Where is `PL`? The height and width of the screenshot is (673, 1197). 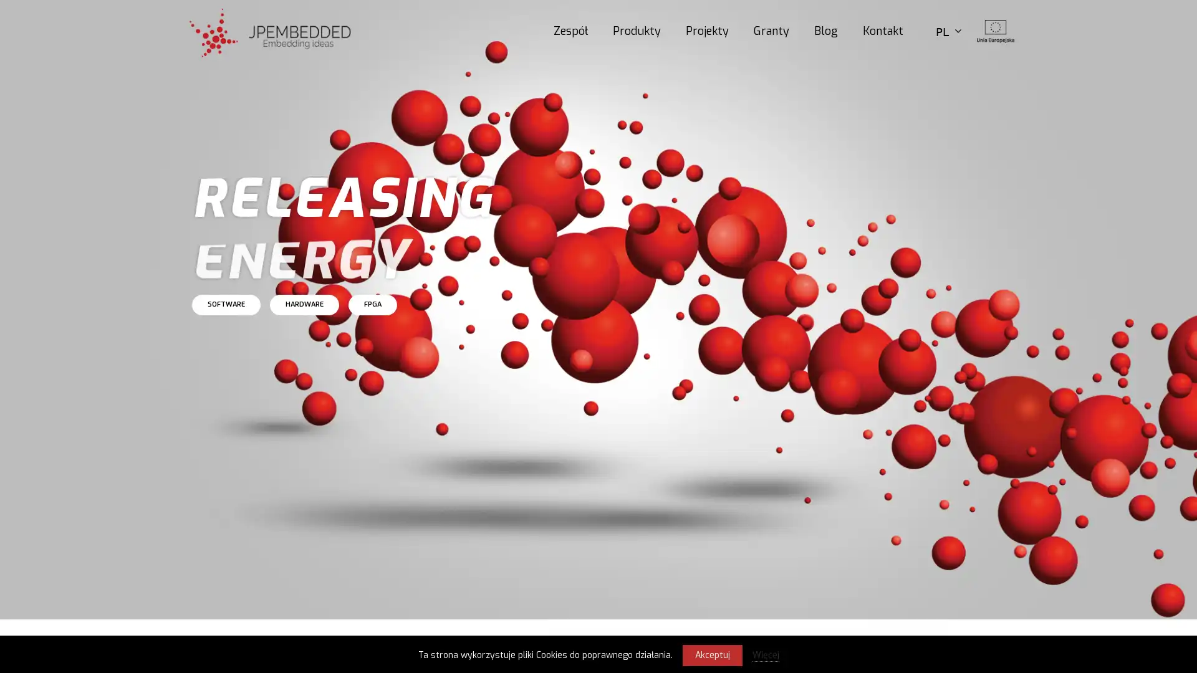 PL is located at coordinates (948, 30).